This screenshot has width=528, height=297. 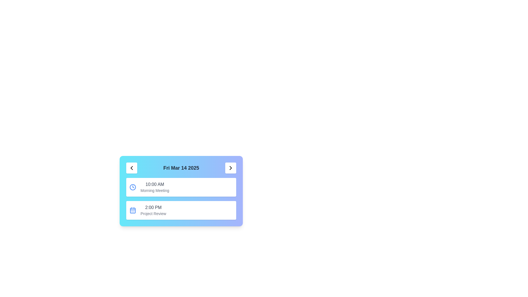 What do you see at coordinates (155, 185) in the screenshot?
I see `the Text Label displaying '10:00 AM' which is positioned above the descriptive text 'Morning Meeting' in the event entry` at bounding box center [155, 185].